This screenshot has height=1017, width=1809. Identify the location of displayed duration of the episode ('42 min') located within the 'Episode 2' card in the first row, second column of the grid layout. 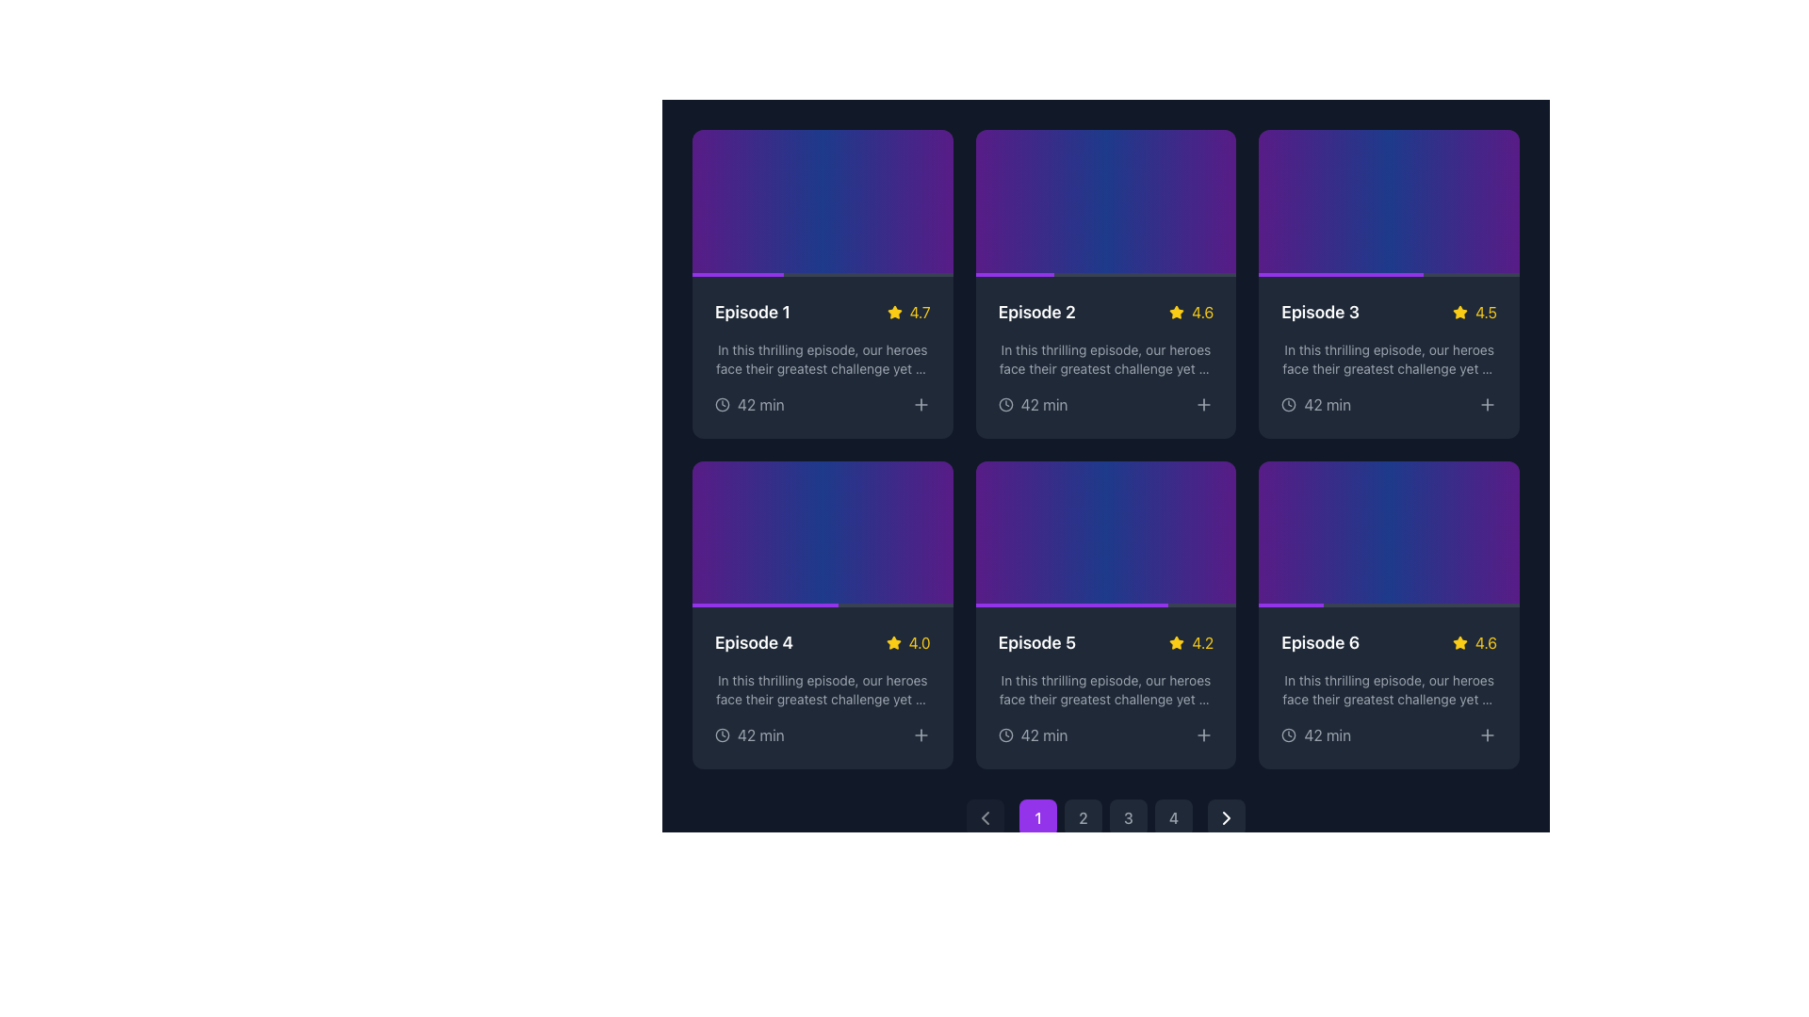
(1106, 403).